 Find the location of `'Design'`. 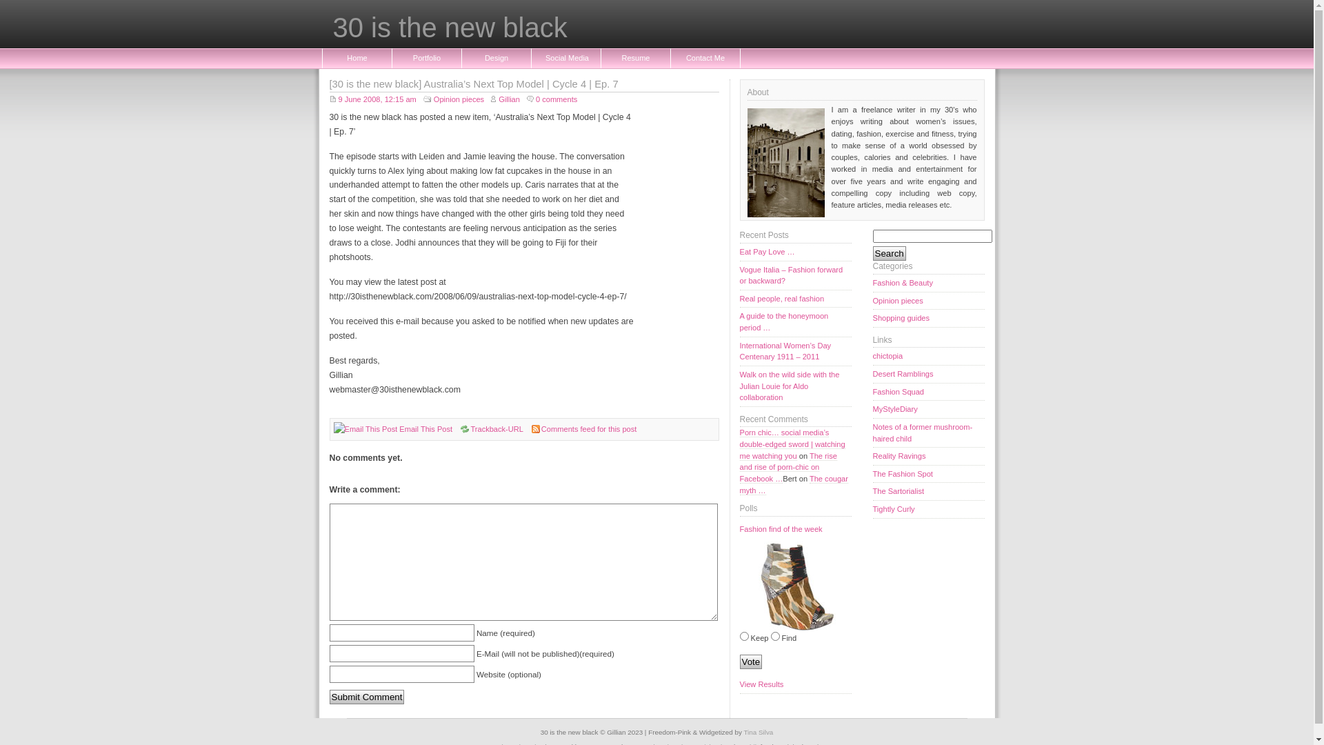

'Design' is located at coordinates (496, 57).